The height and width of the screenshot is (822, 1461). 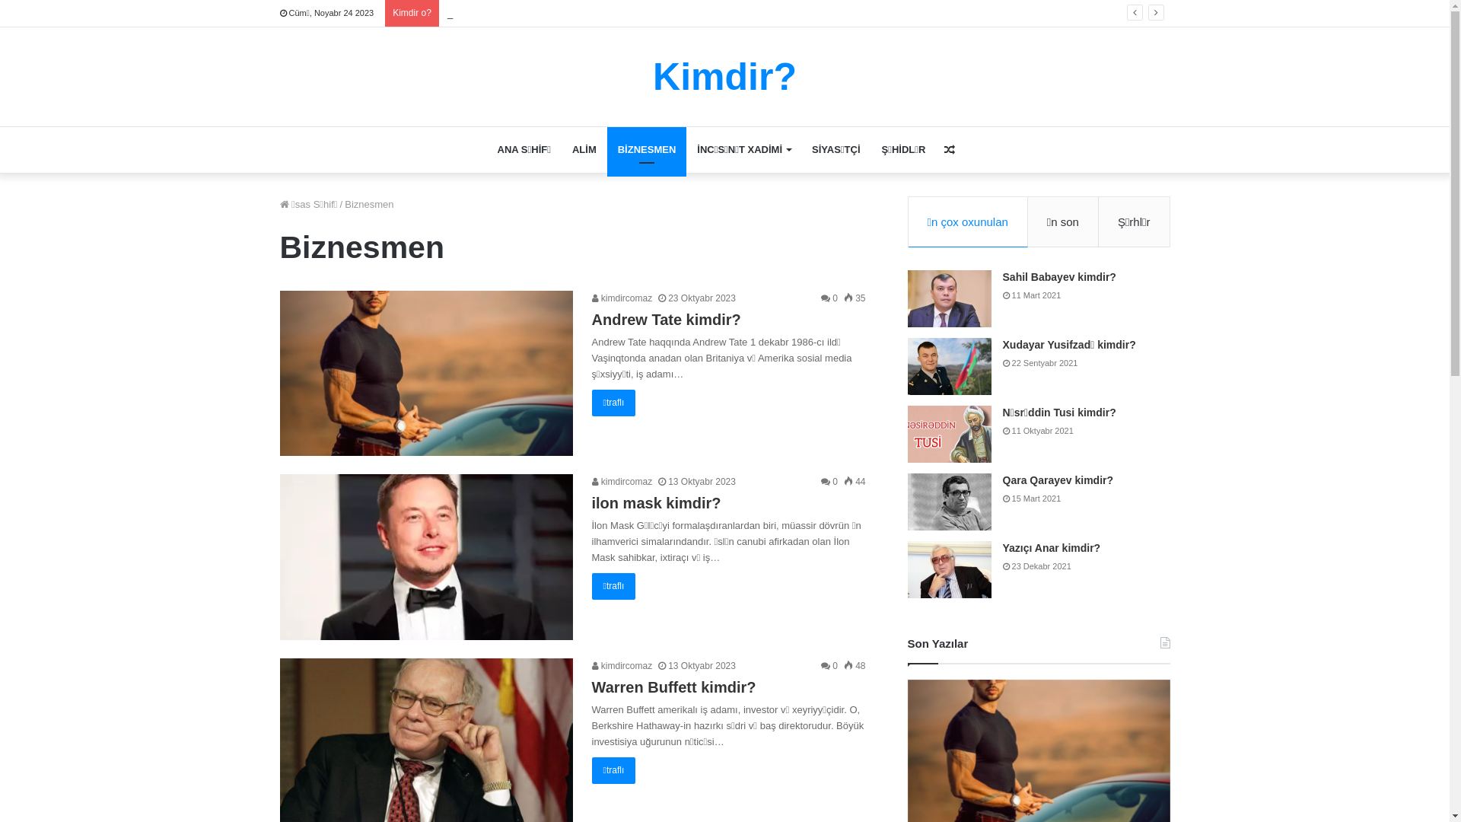 What do you see at coordinates (948, 149) in the screenshot?
I see `'Random Article'` at bounding box center [948, 149].